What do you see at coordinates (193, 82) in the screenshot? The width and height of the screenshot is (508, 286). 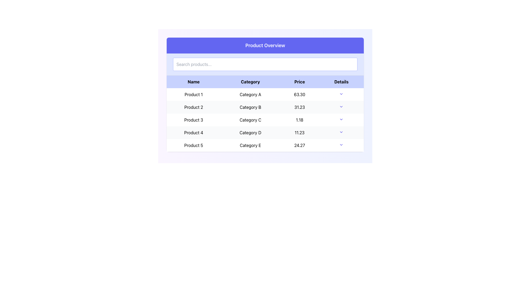 I see `the first header element that identifies the associated column in a product listing table` at bounding box center [193, 82].